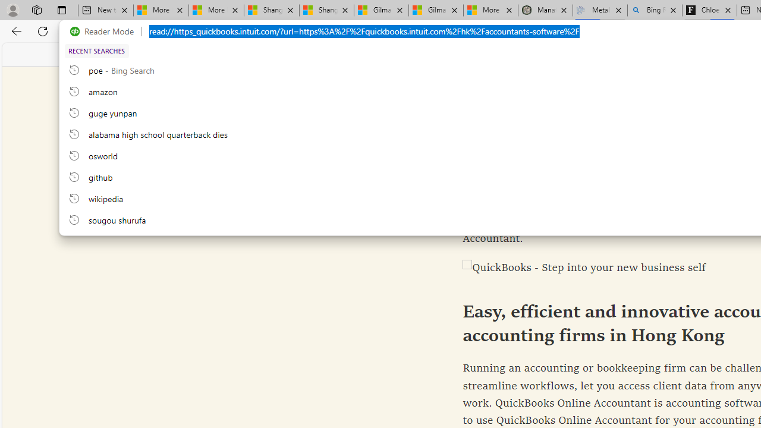 Image resolution: width=761 pixels, height=428 pixels. Describe the element at coordinates (654, 10) in the screenshot. I see `'Bing Real Estate - Home sales and rental listings'` at that location.